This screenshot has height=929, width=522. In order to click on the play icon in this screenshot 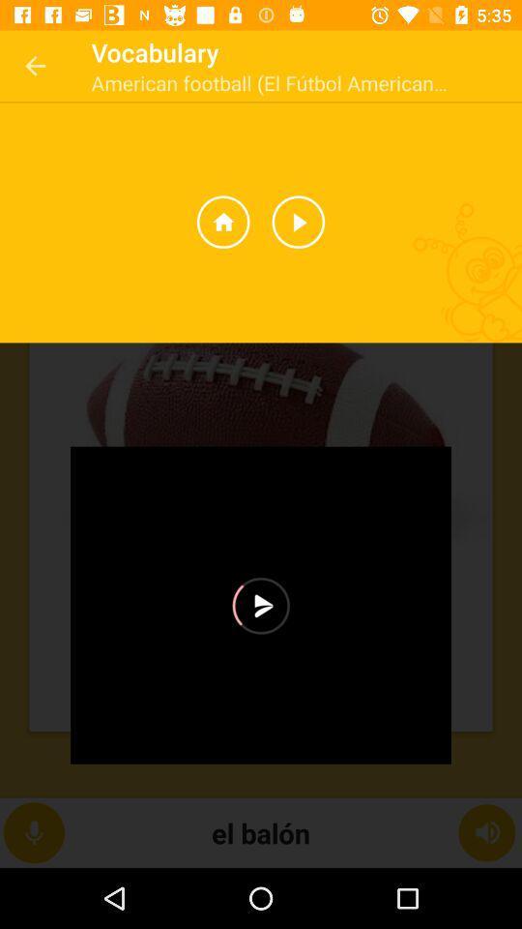, I will do `click(298, 222)`.